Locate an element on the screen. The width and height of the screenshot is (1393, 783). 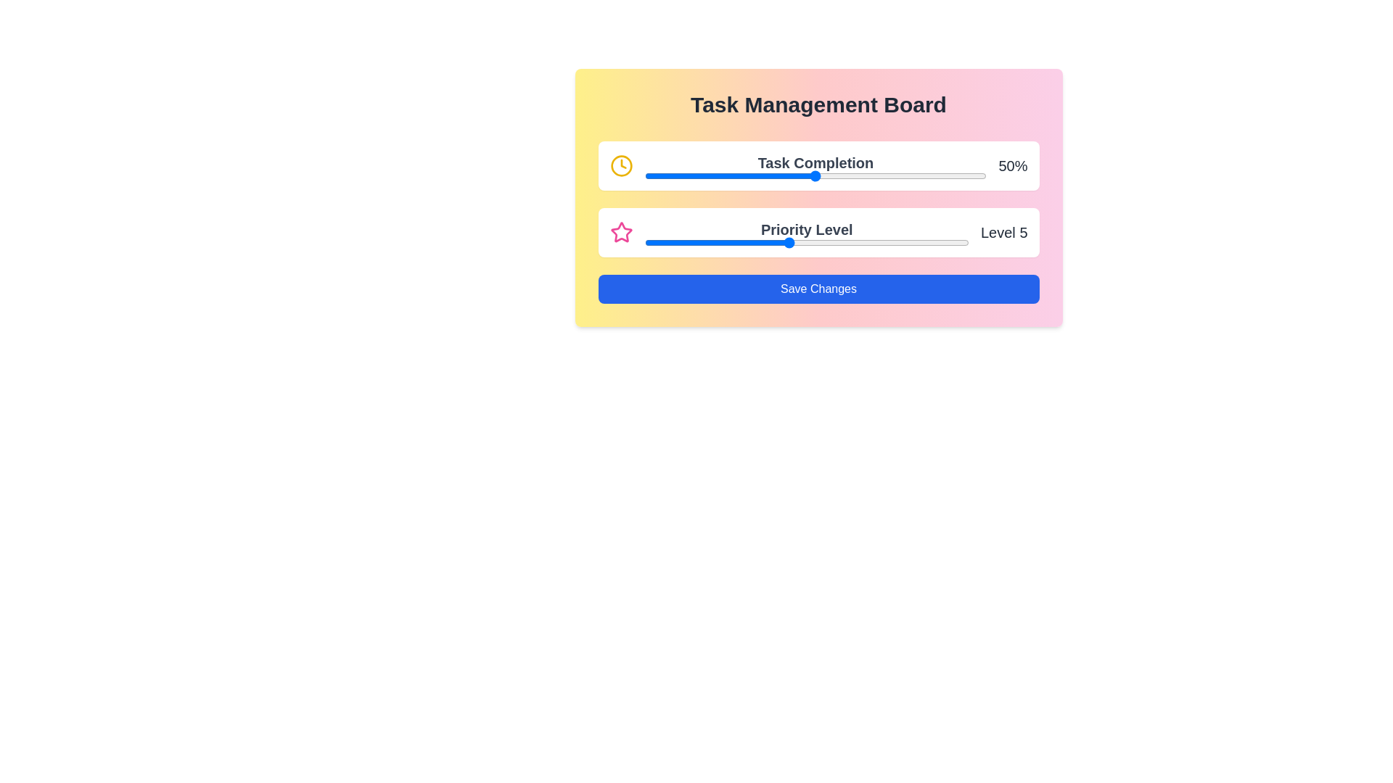
text label that describes the purpose of the adjacent progress bar and percentage indicator, which is positioned above the progress bar in the task management section is located at coordinates (815, 162).